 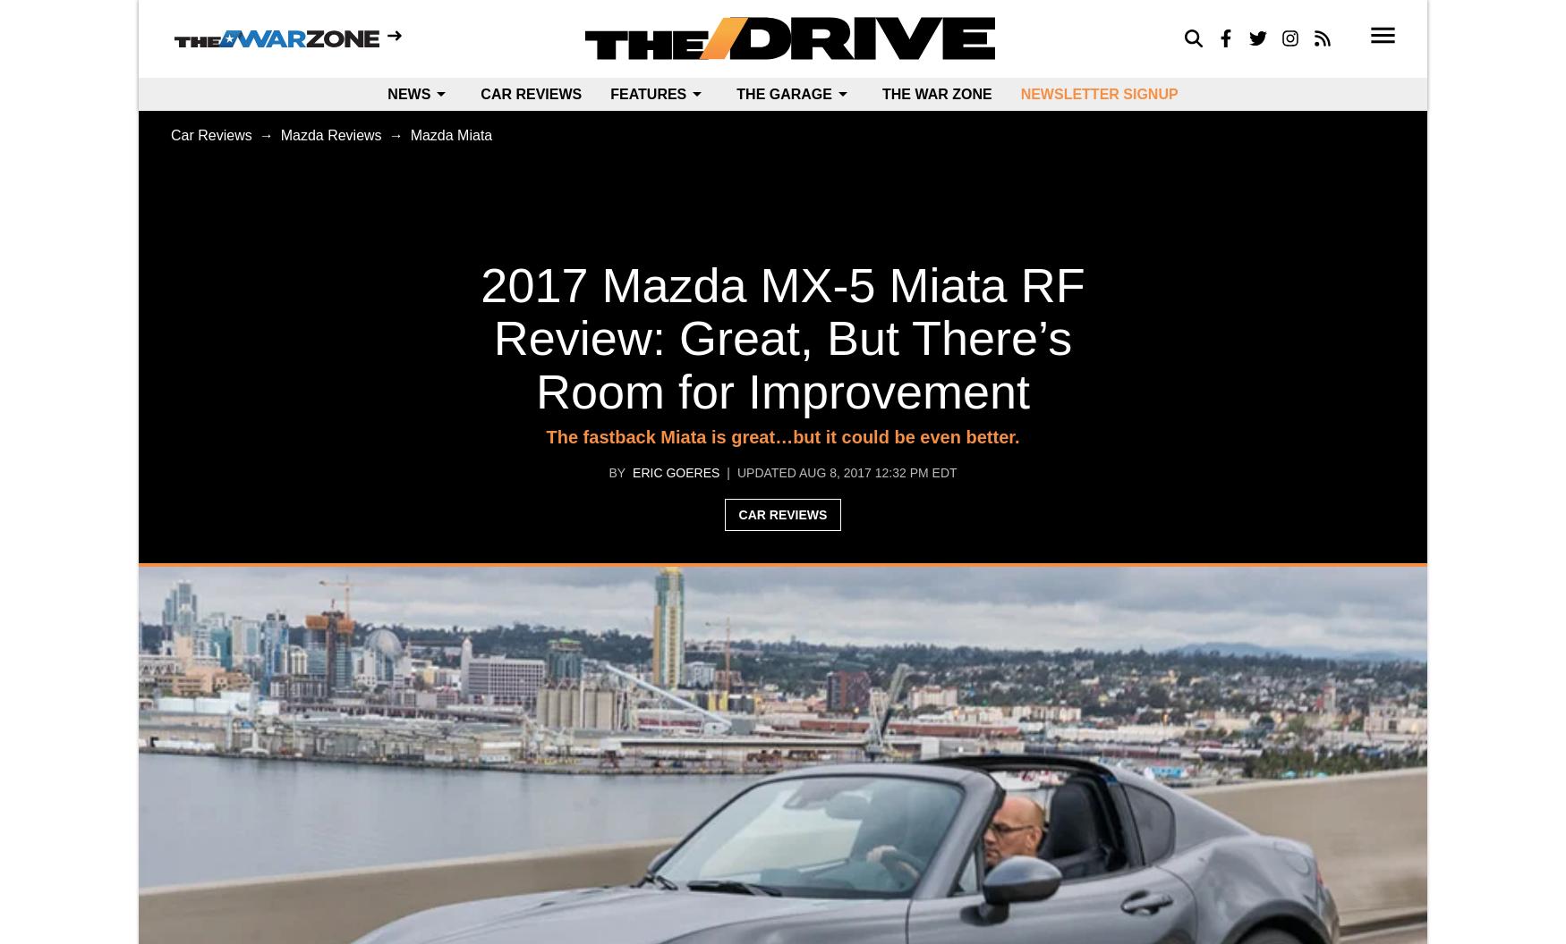 I want to click on 'Mazda Reviews', so click(x=330, y=135).